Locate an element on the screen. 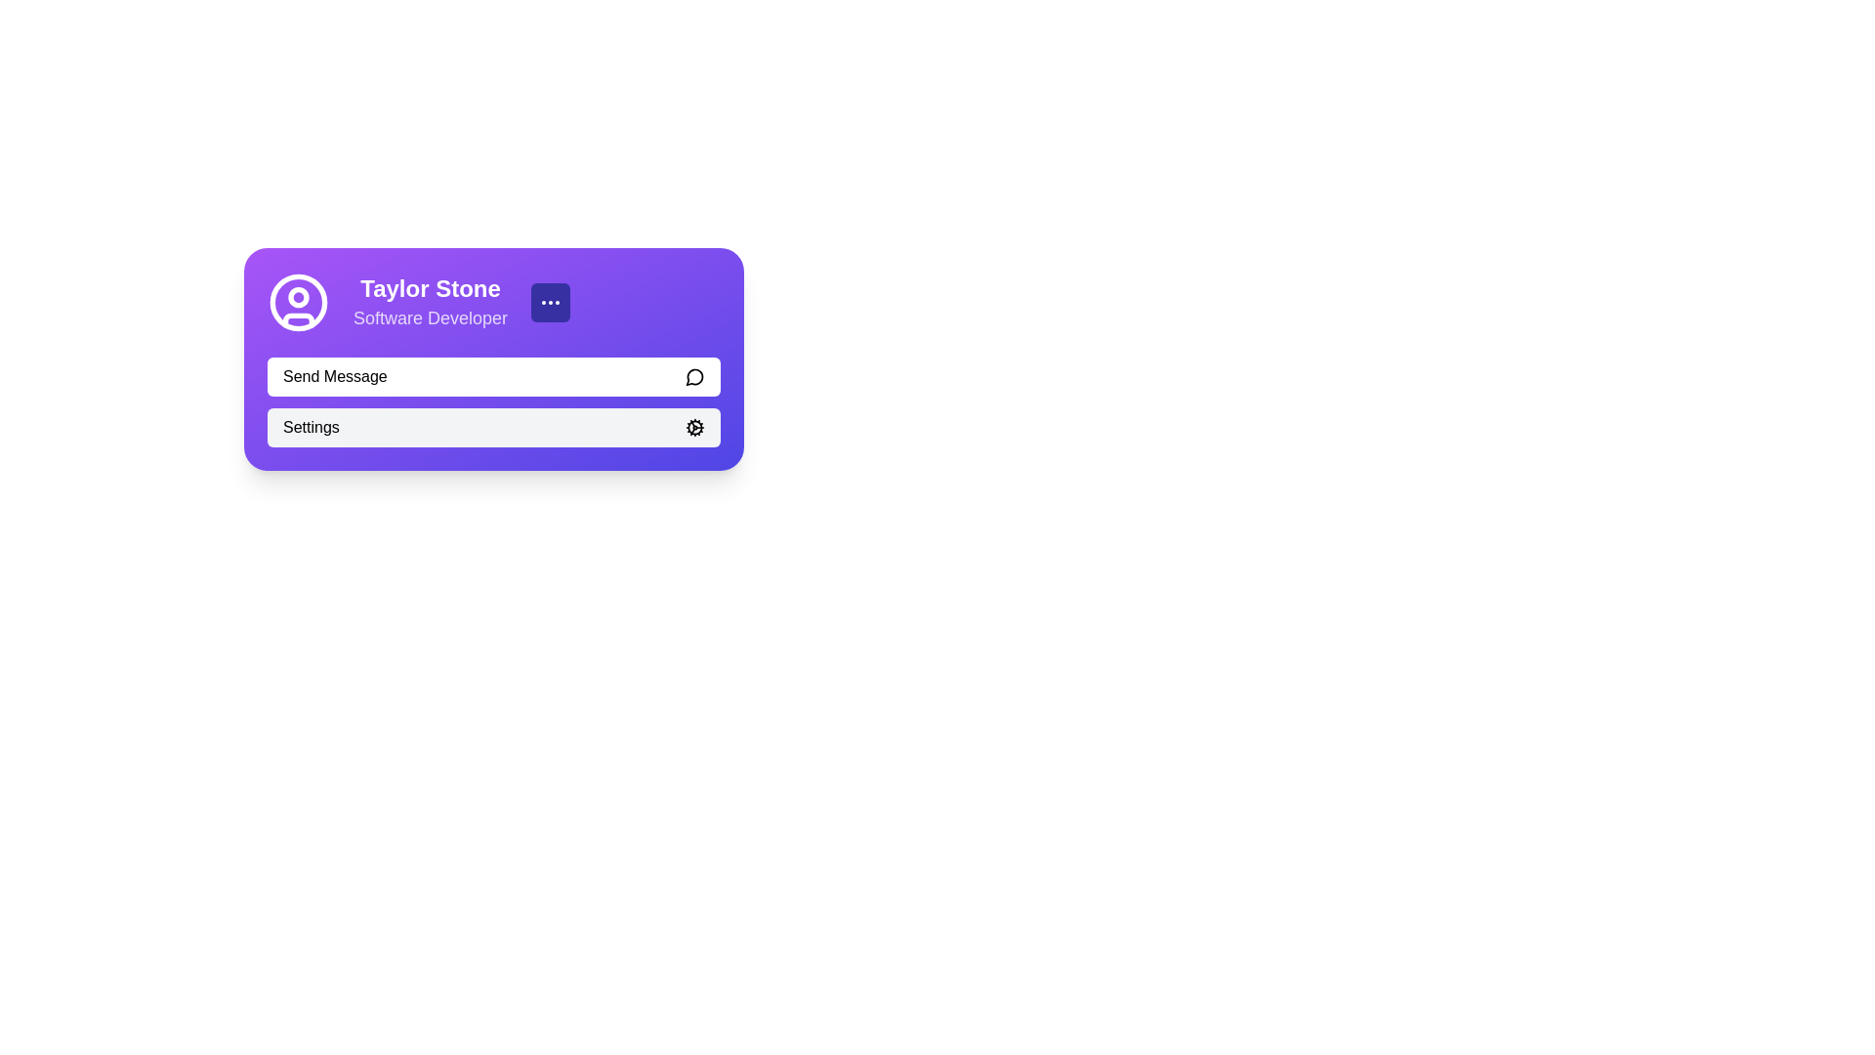 The image size is (1875, 1055). the Text Label indicating the role 'Software Developer' located directly below the name 'Taylor Stone' is located at coordinates (430, 317).